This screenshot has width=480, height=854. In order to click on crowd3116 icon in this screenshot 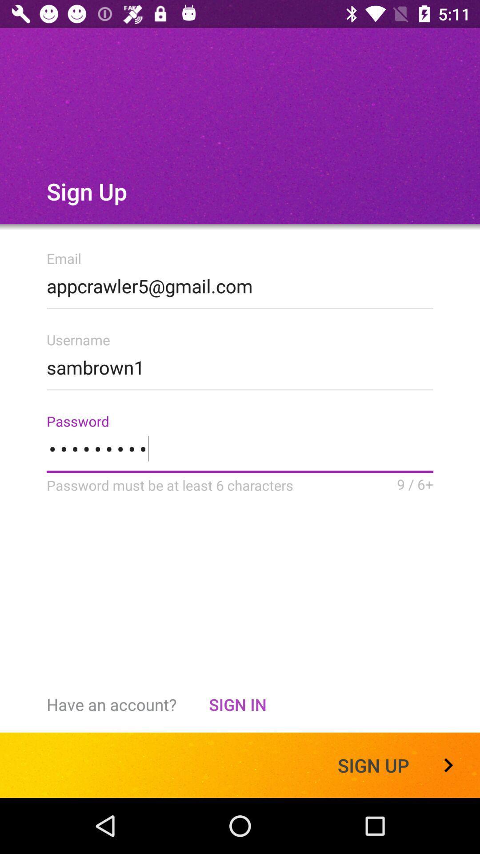, I will do `click(240, 454)`.